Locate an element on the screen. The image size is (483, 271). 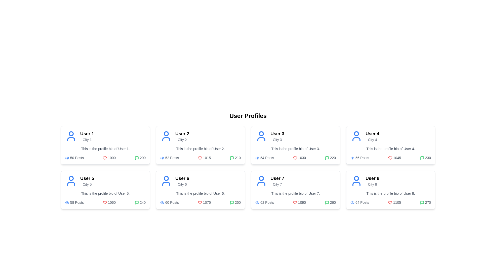
the label displaying the city name 'City 5', which is styled in a smaller font size with a gray color, located below 'User 5' within the same card in the bottom left corner of the grid of user profiles is located at coordinates (87, 184).